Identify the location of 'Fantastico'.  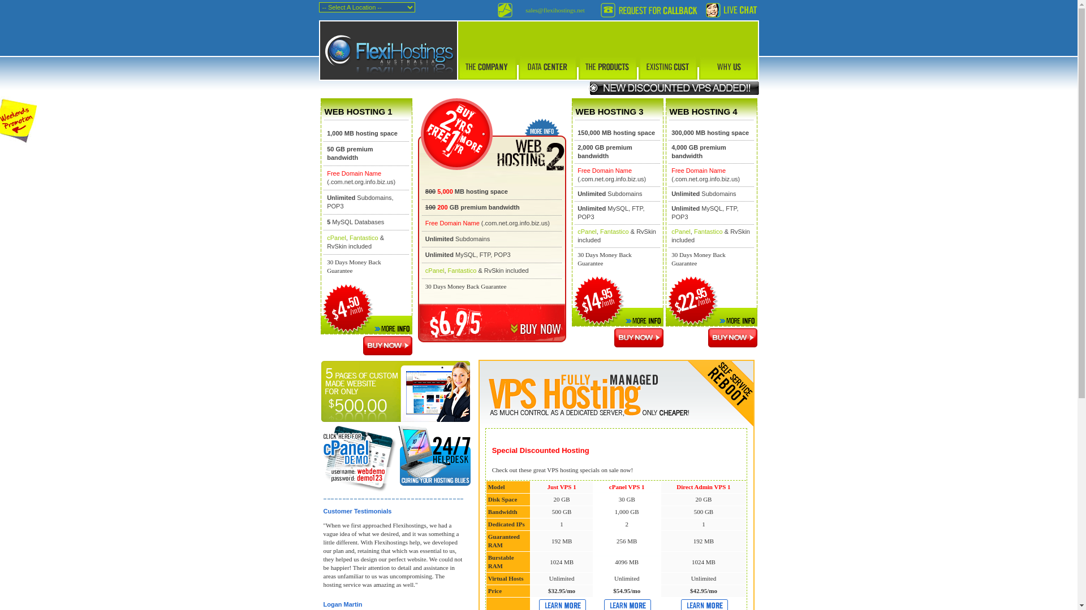
(708, 230).